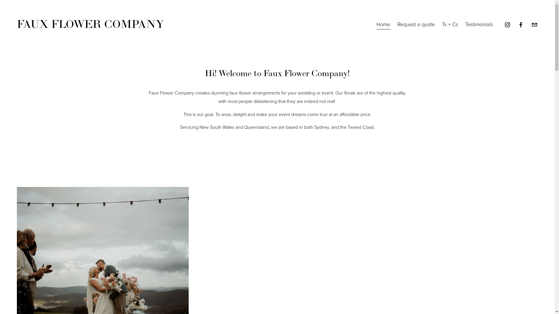 This screenshot has width=559, height=314. What do you see at coordinates (397, 24) in the screenshot?
I see `'Request a quote'` at bounding box center [397, 24].